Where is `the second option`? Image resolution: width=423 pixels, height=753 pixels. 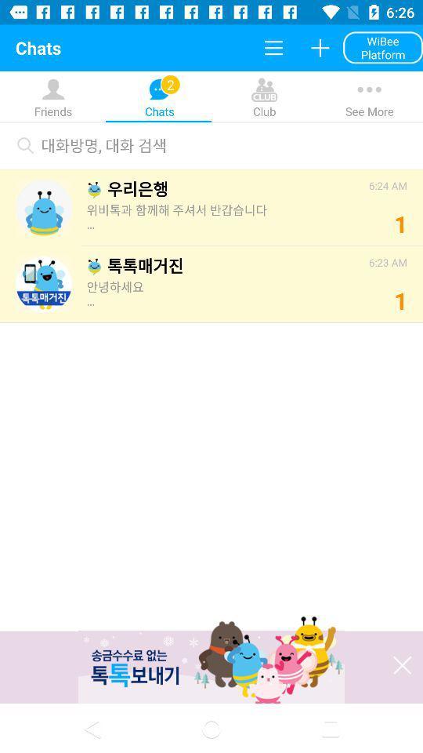
the second option is located at coordinates (211, 282).